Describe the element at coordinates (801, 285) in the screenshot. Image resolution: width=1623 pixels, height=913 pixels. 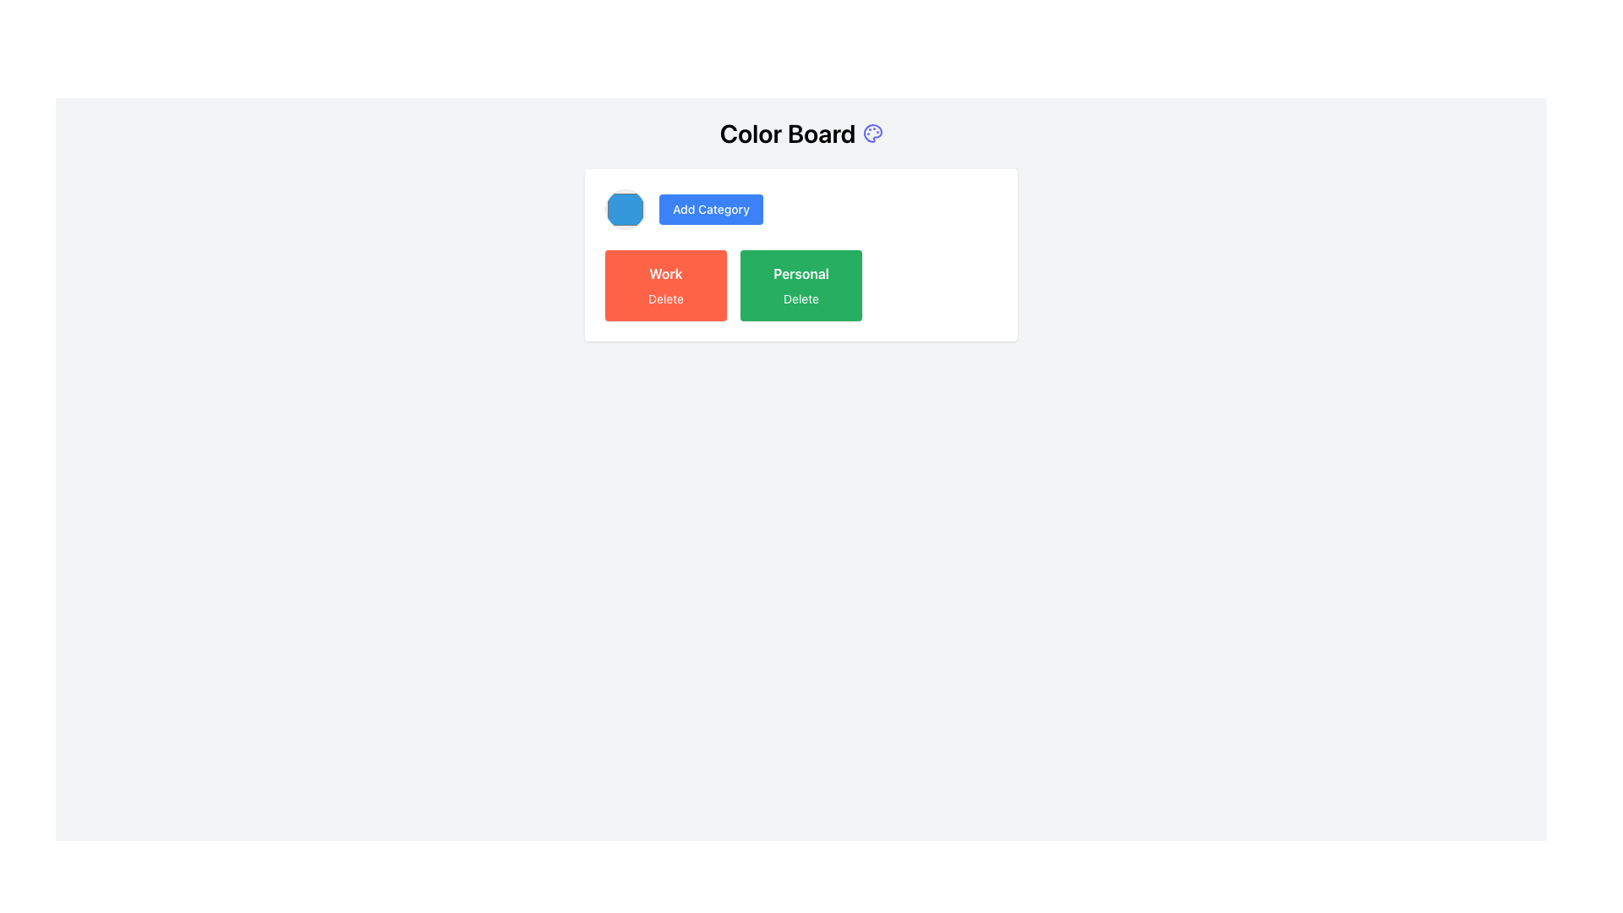
I see `the 'Delete' text on the green button labeled 'Personal'` at that location.